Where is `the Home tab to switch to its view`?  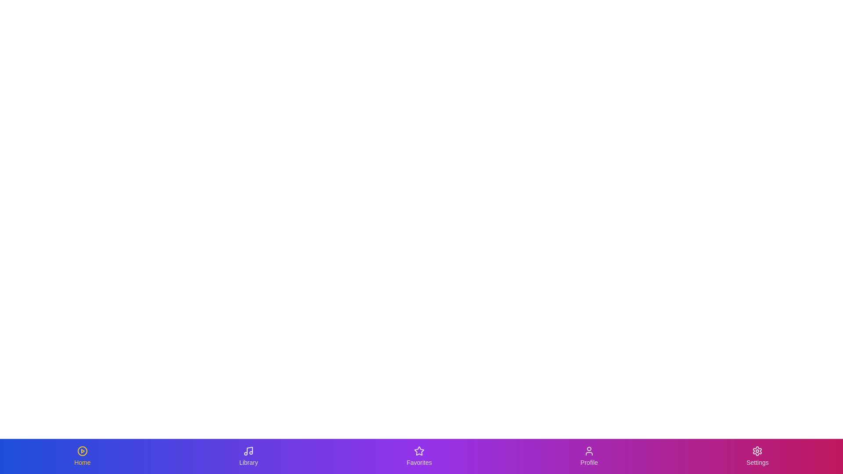
the Home tab to switch to its view is located at coordinates (82, 456).